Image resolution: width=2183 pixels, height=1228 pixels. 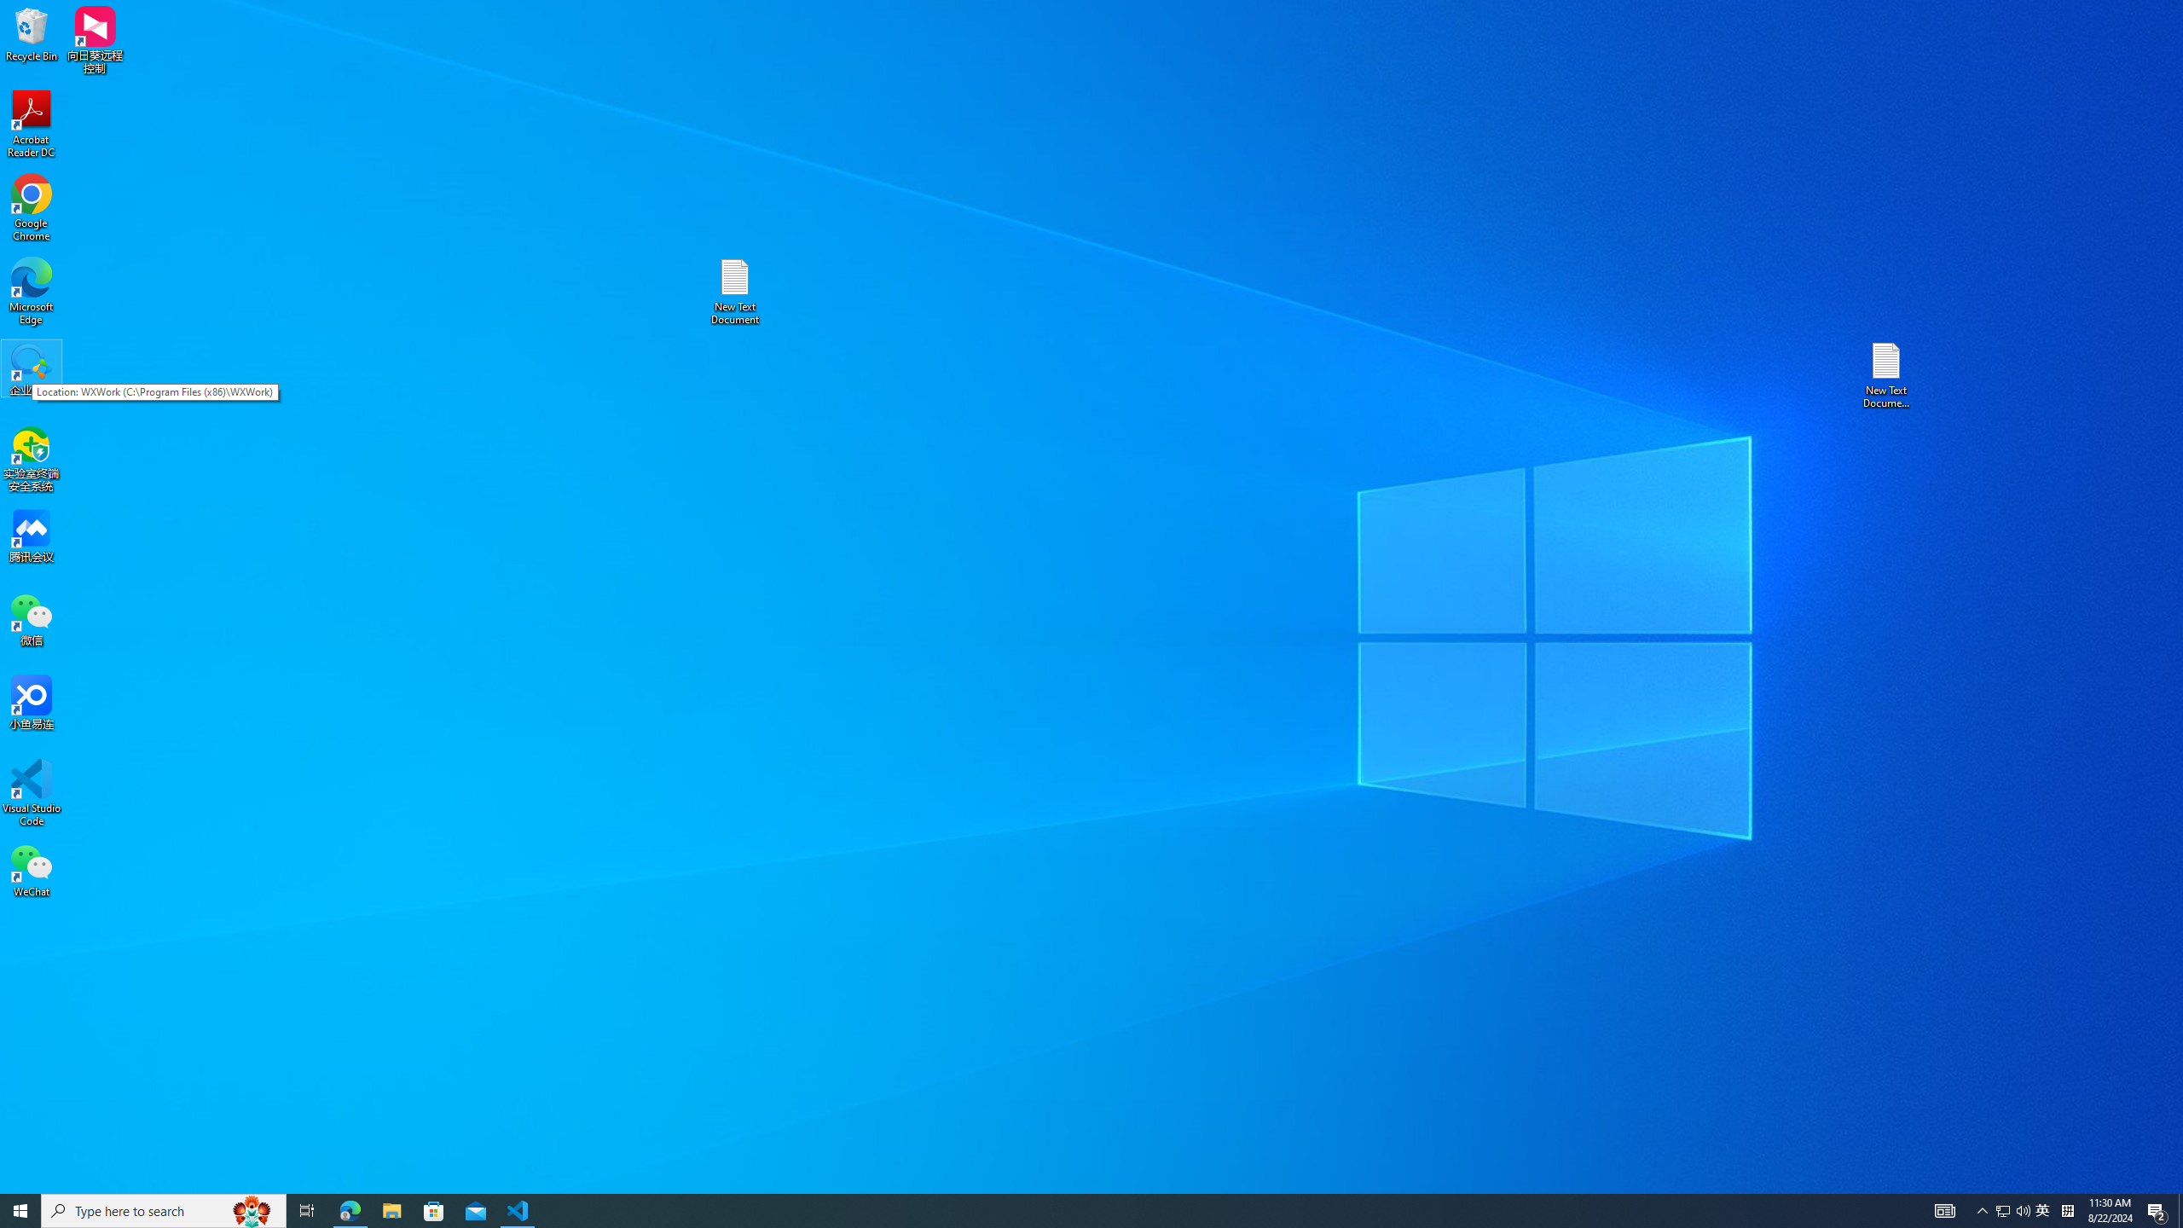 What do you see at coordinates (251, 1209) in the screenshot?
I see `'Search highlights icon opens search home window'` at bounding box center [251, 1209].